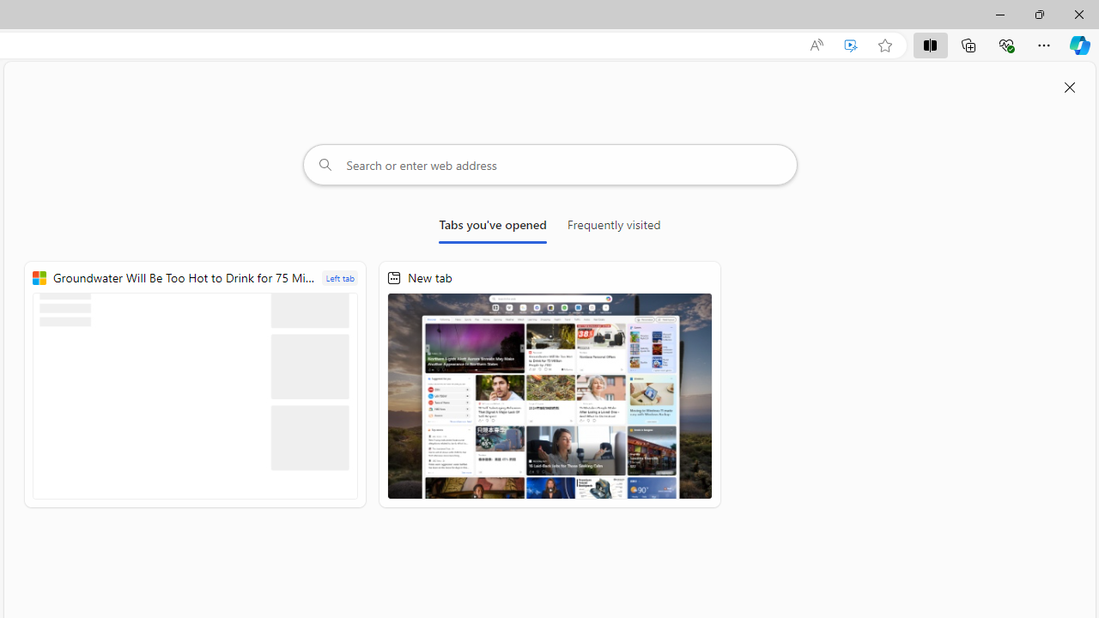 The height and width of the screenshot is (618, 1099). Describe the element at coordinates (492, 227) in the screenshot. I see `'Tabs you'` at that location.